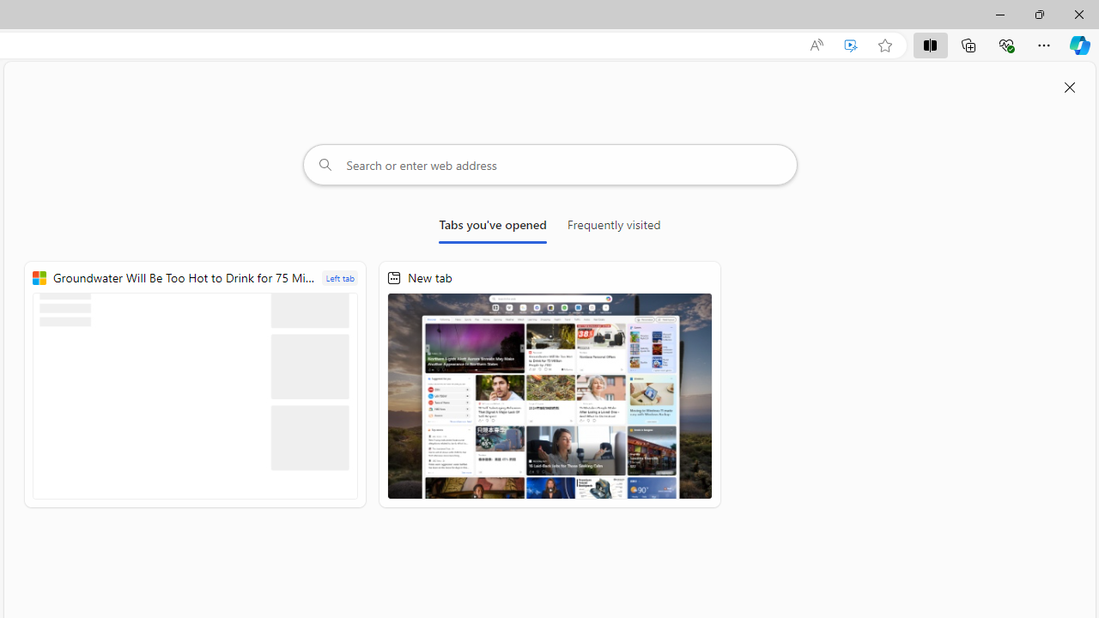 The height and width of the screenshot is (618, 1099). Describe the element at coordinates (492, 227) in the screenshot. I see `'Tabs you'` at that location.